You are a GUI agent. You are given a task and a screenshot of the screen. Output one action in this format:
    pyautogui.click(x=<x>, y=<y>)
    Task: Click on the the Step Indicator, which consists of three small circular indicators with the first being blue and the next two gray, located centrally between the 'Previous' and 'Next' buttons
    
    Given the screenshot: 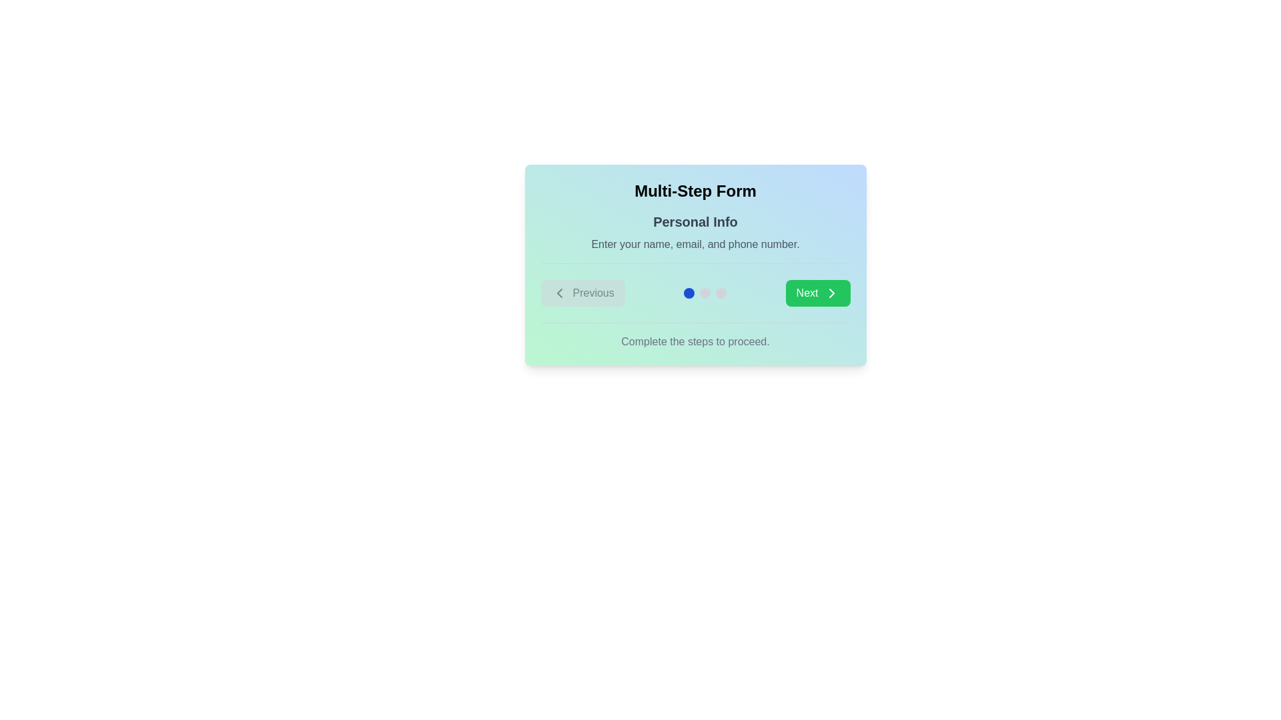 What is the action you would take?
    pyautogui.click(x=705, y=292)
    